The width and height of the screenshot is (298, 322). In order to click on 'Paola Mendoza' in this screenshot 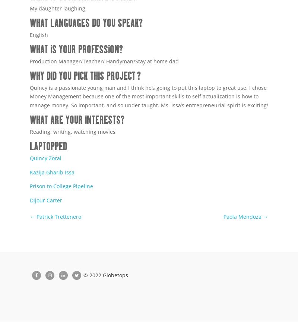, I will do `click(242, 216)`.